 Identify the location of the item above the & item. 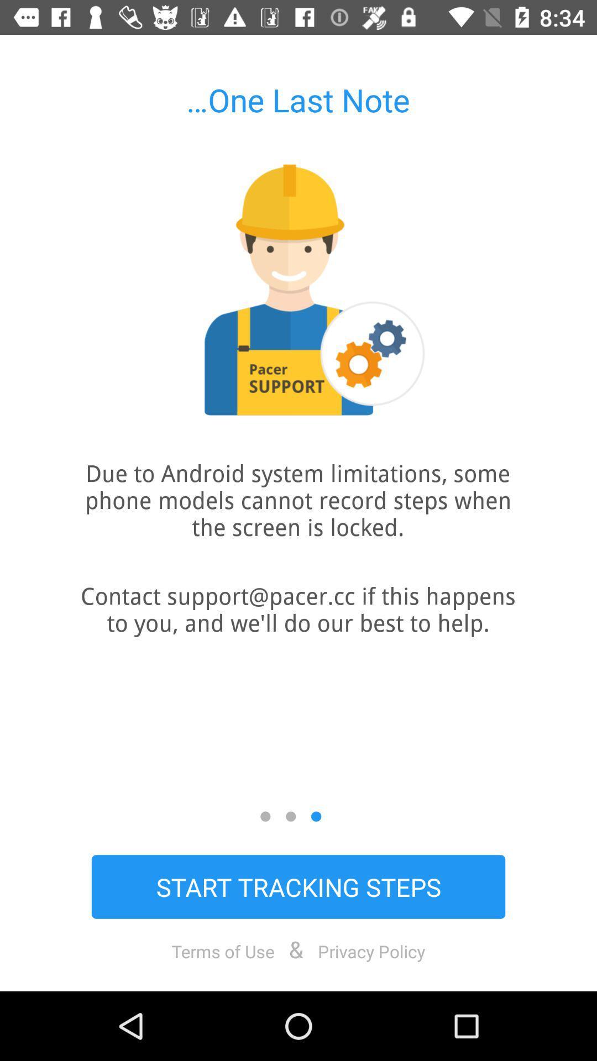
(298, 886).